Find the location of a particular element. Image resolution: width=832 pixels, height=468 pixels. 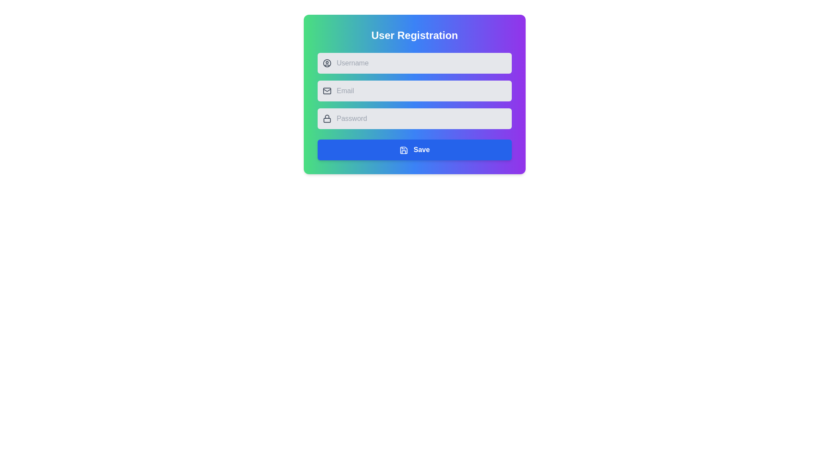

the SVG rectangle element representing the body of the lock icon, which serves as a visual indicator of security is located at coordinates (326, 120).